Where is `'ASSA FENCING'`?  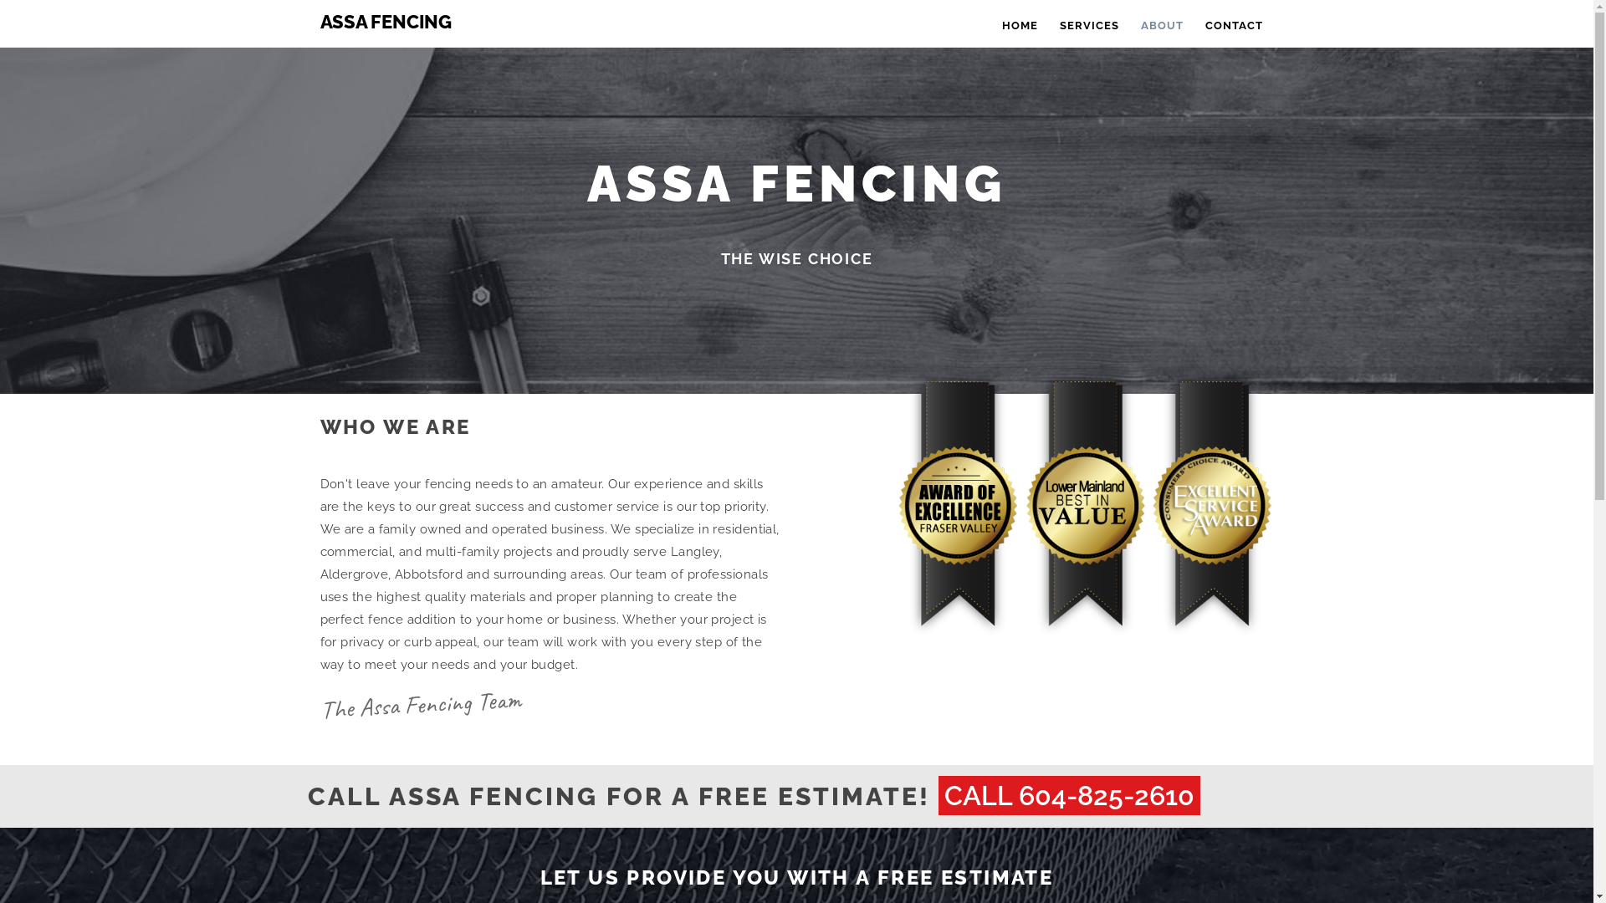
'ASSA FENCING' is located at coordinates (381, 20).